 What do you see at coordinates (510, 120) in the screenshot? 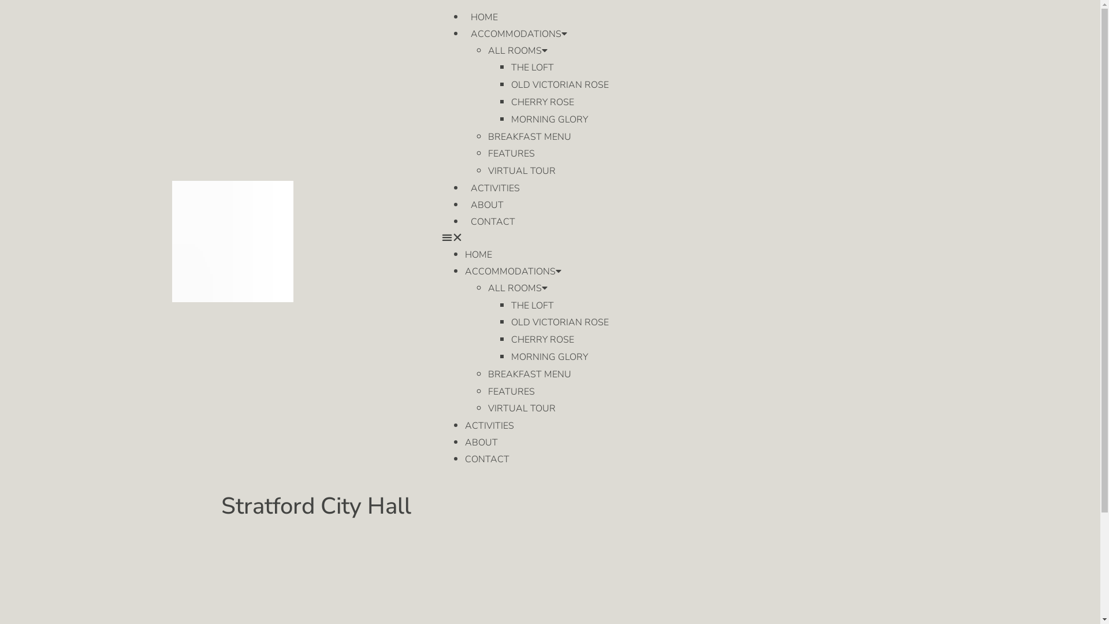
I see `'MORNING GLORY'` at bounding box center [510, 120].